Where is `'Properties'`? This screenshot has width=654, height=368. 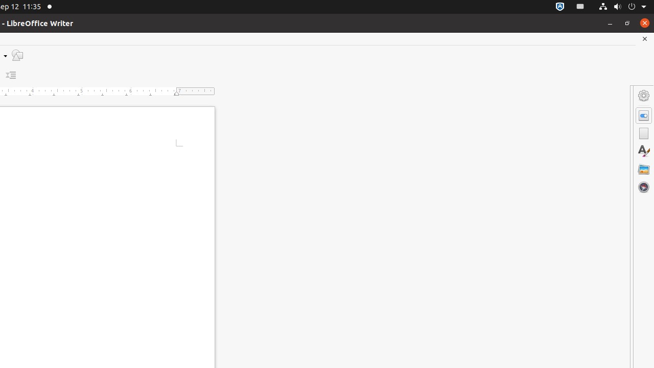 'Properties' is located at coordinates (643, 115).